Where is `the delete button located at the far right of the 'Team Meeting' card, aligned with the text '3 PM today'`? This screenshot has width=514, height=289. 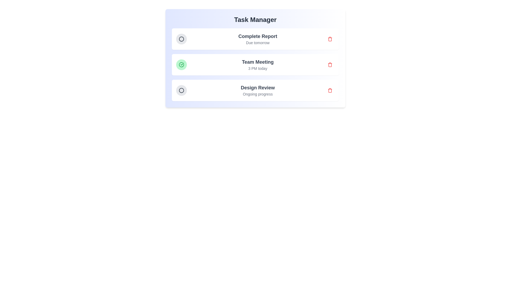
the delete button located at the far right of the 'Team Meeting' card, aligned with the text '3 PM today' is located at coordinates (330, 64).